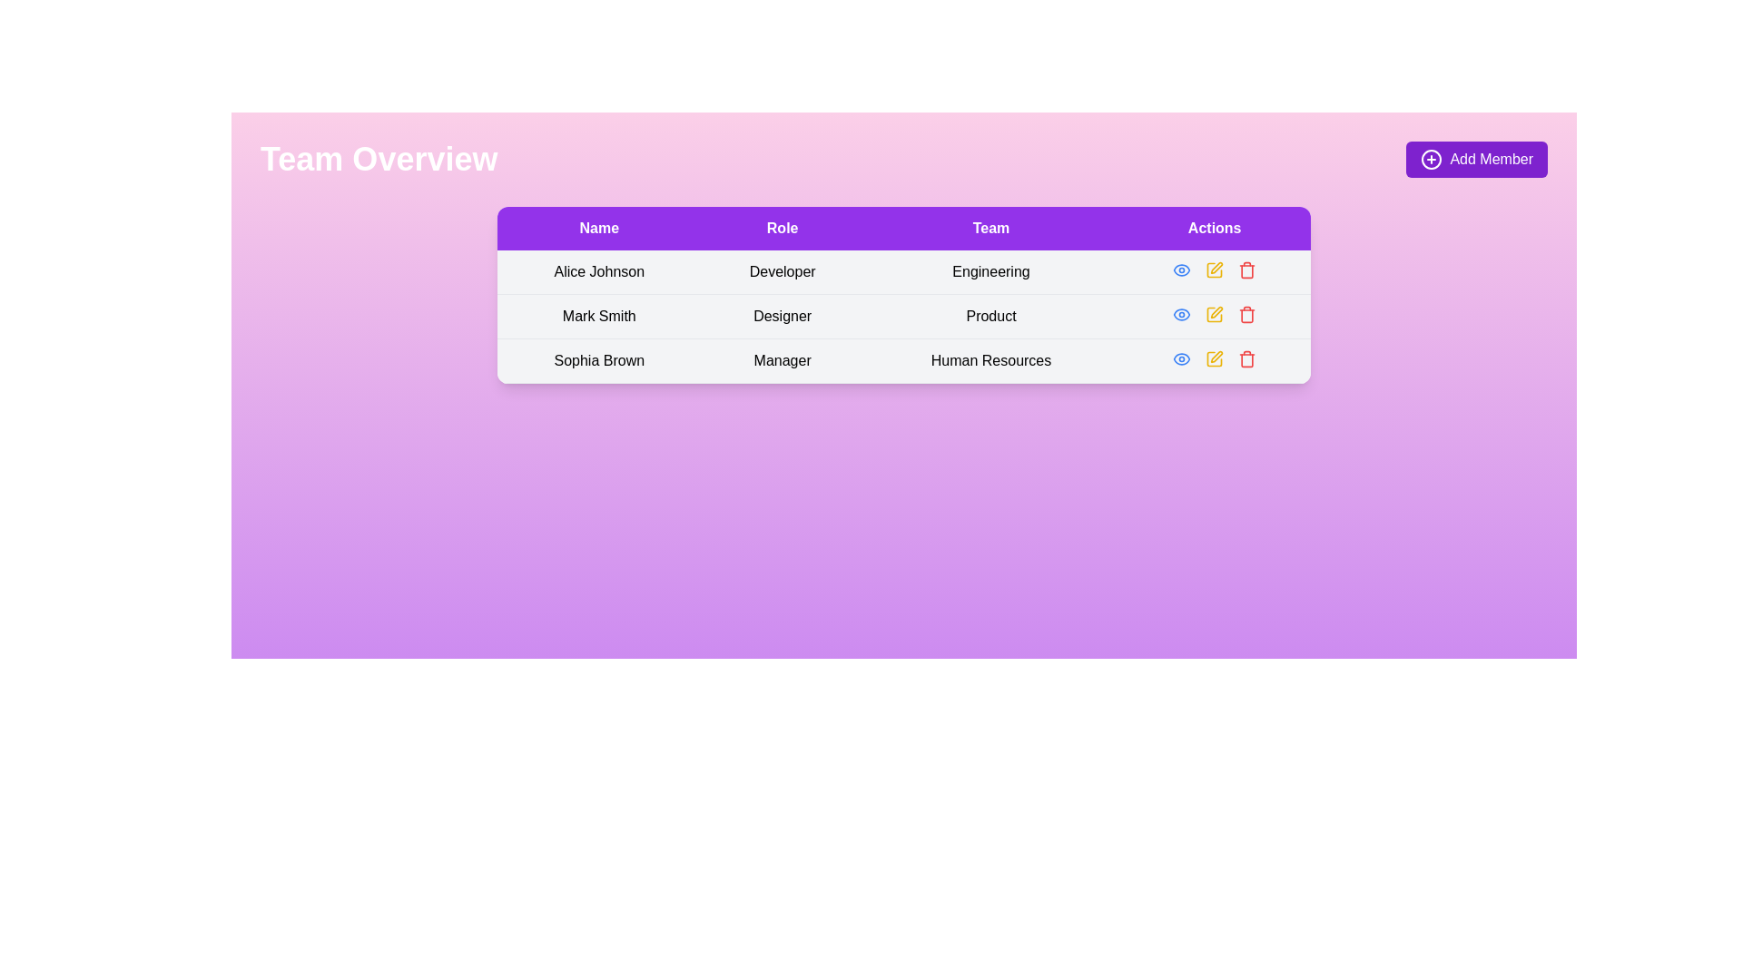  What do you see at coordinates (990, 360) in the screenshot?
I see `the text content of the Table text cell displaying 'Human Resources' in black font, located in the third row and third column under the 'Team' column` at bounding box center [990, 360].